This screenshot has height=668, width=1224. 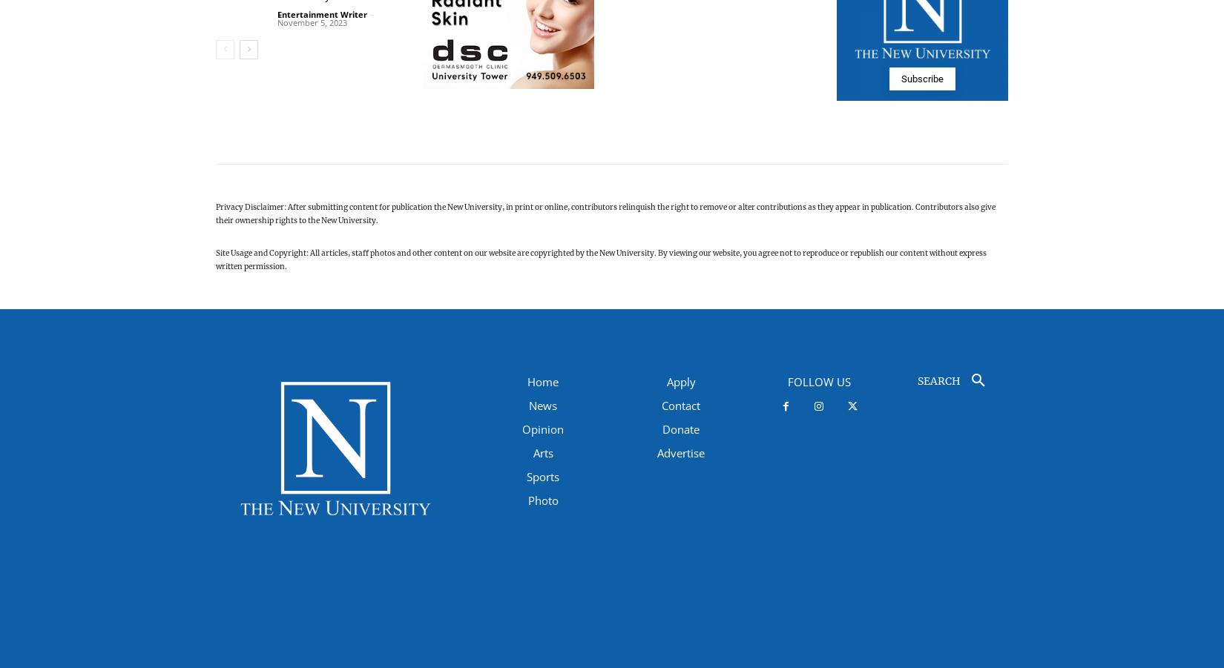 What do you see at coordinates (938, 381) in the screenshot?
I see `'SEARCH'` at bounding box center [938, 381].